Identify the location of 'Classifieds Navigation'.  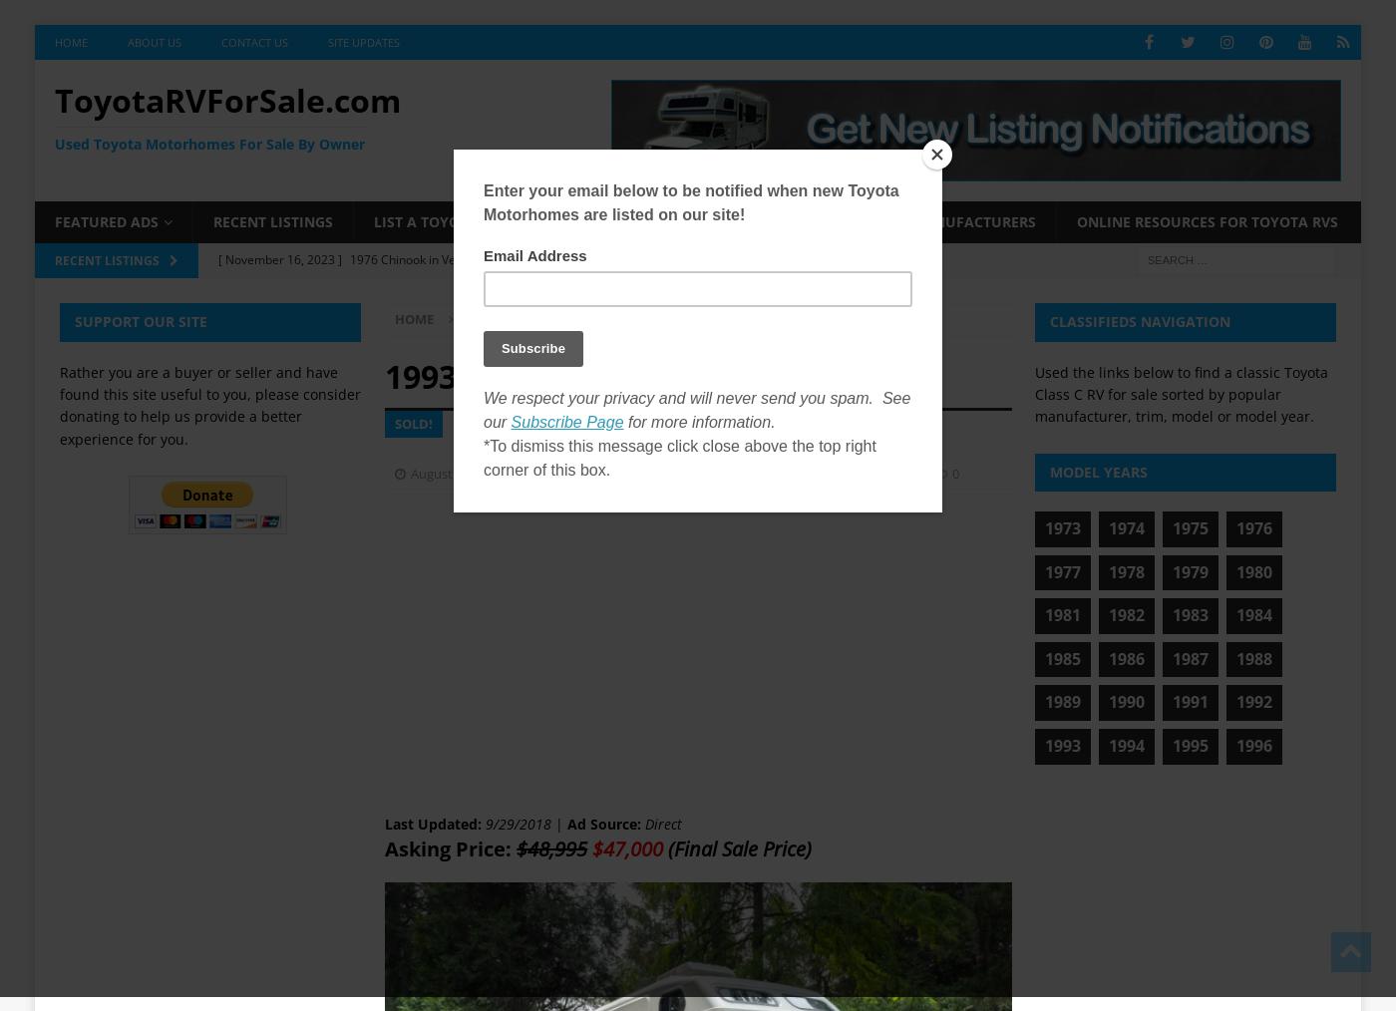
(1048, 321).